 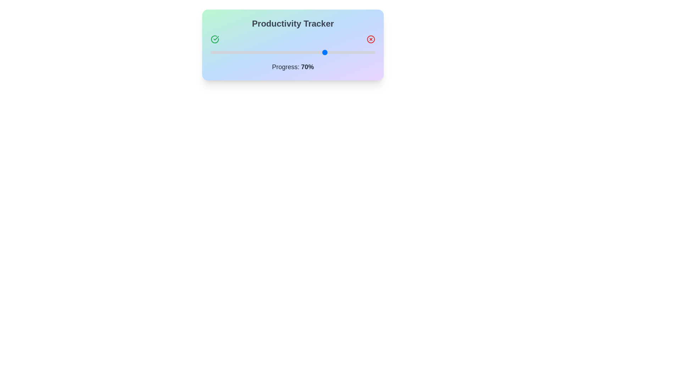 I want to click on the progress value, so click(x=232, y=52).